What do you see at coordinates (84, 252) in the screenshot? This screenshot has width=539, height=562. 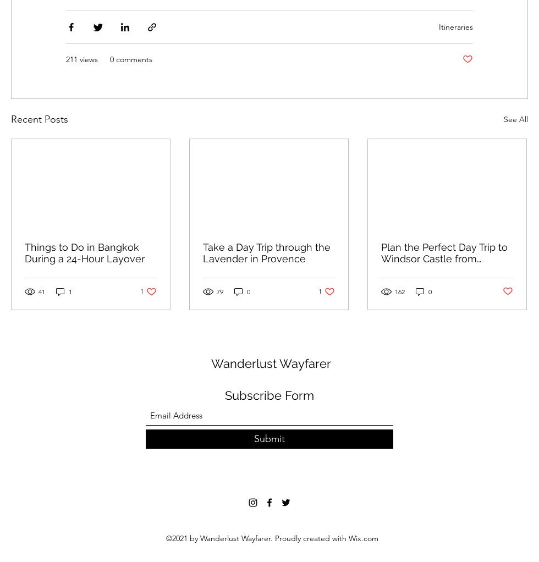 I see `'Things to Do in Bangkok During a 24-Hour Layover'` at bounding box center [84, 252].